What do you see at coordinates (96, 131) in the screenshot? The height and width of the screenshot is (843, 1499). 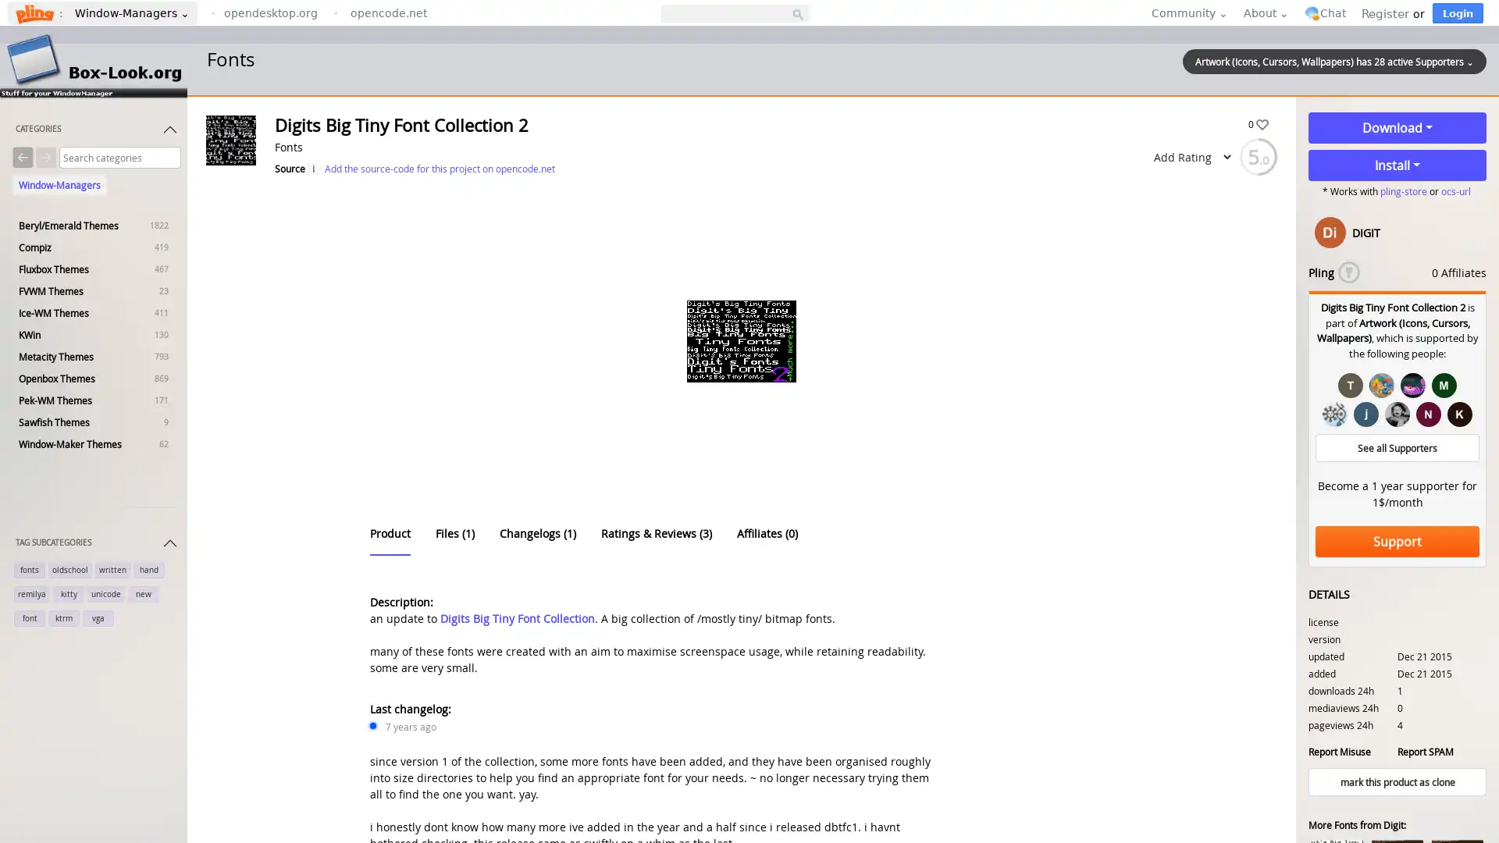 I see `CATEGORIES` at bounding box center [96, 131].